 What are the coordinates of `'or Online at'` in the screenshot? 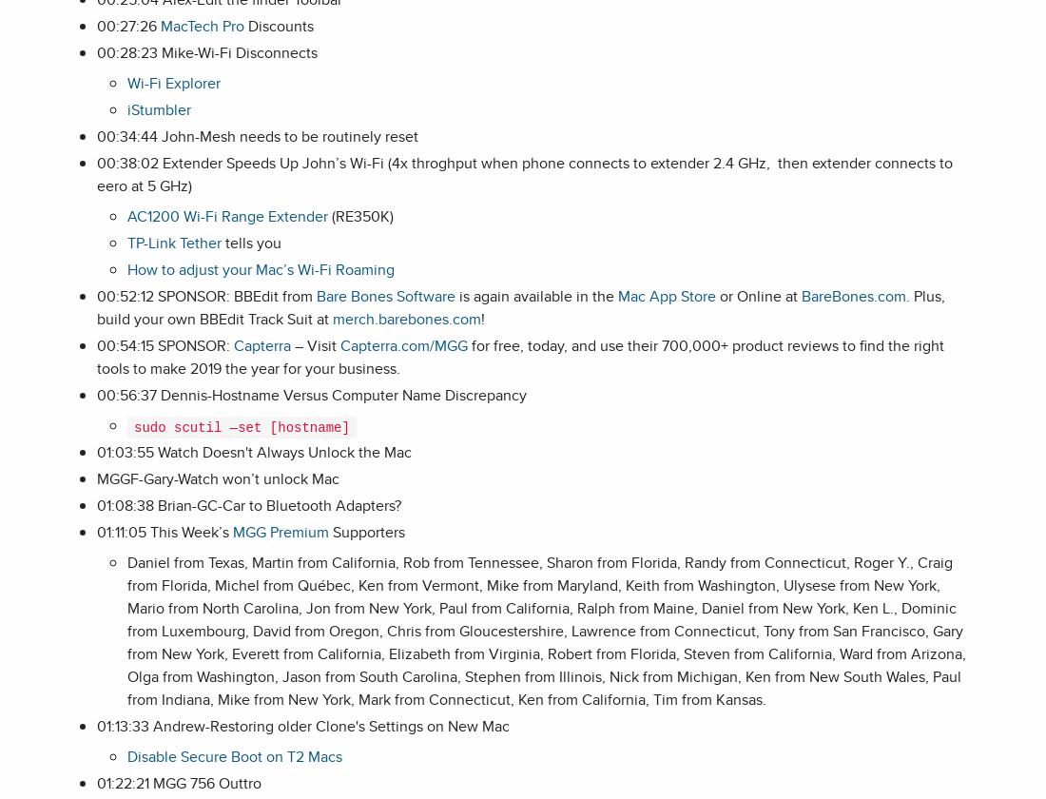 It's located at (714, 296).